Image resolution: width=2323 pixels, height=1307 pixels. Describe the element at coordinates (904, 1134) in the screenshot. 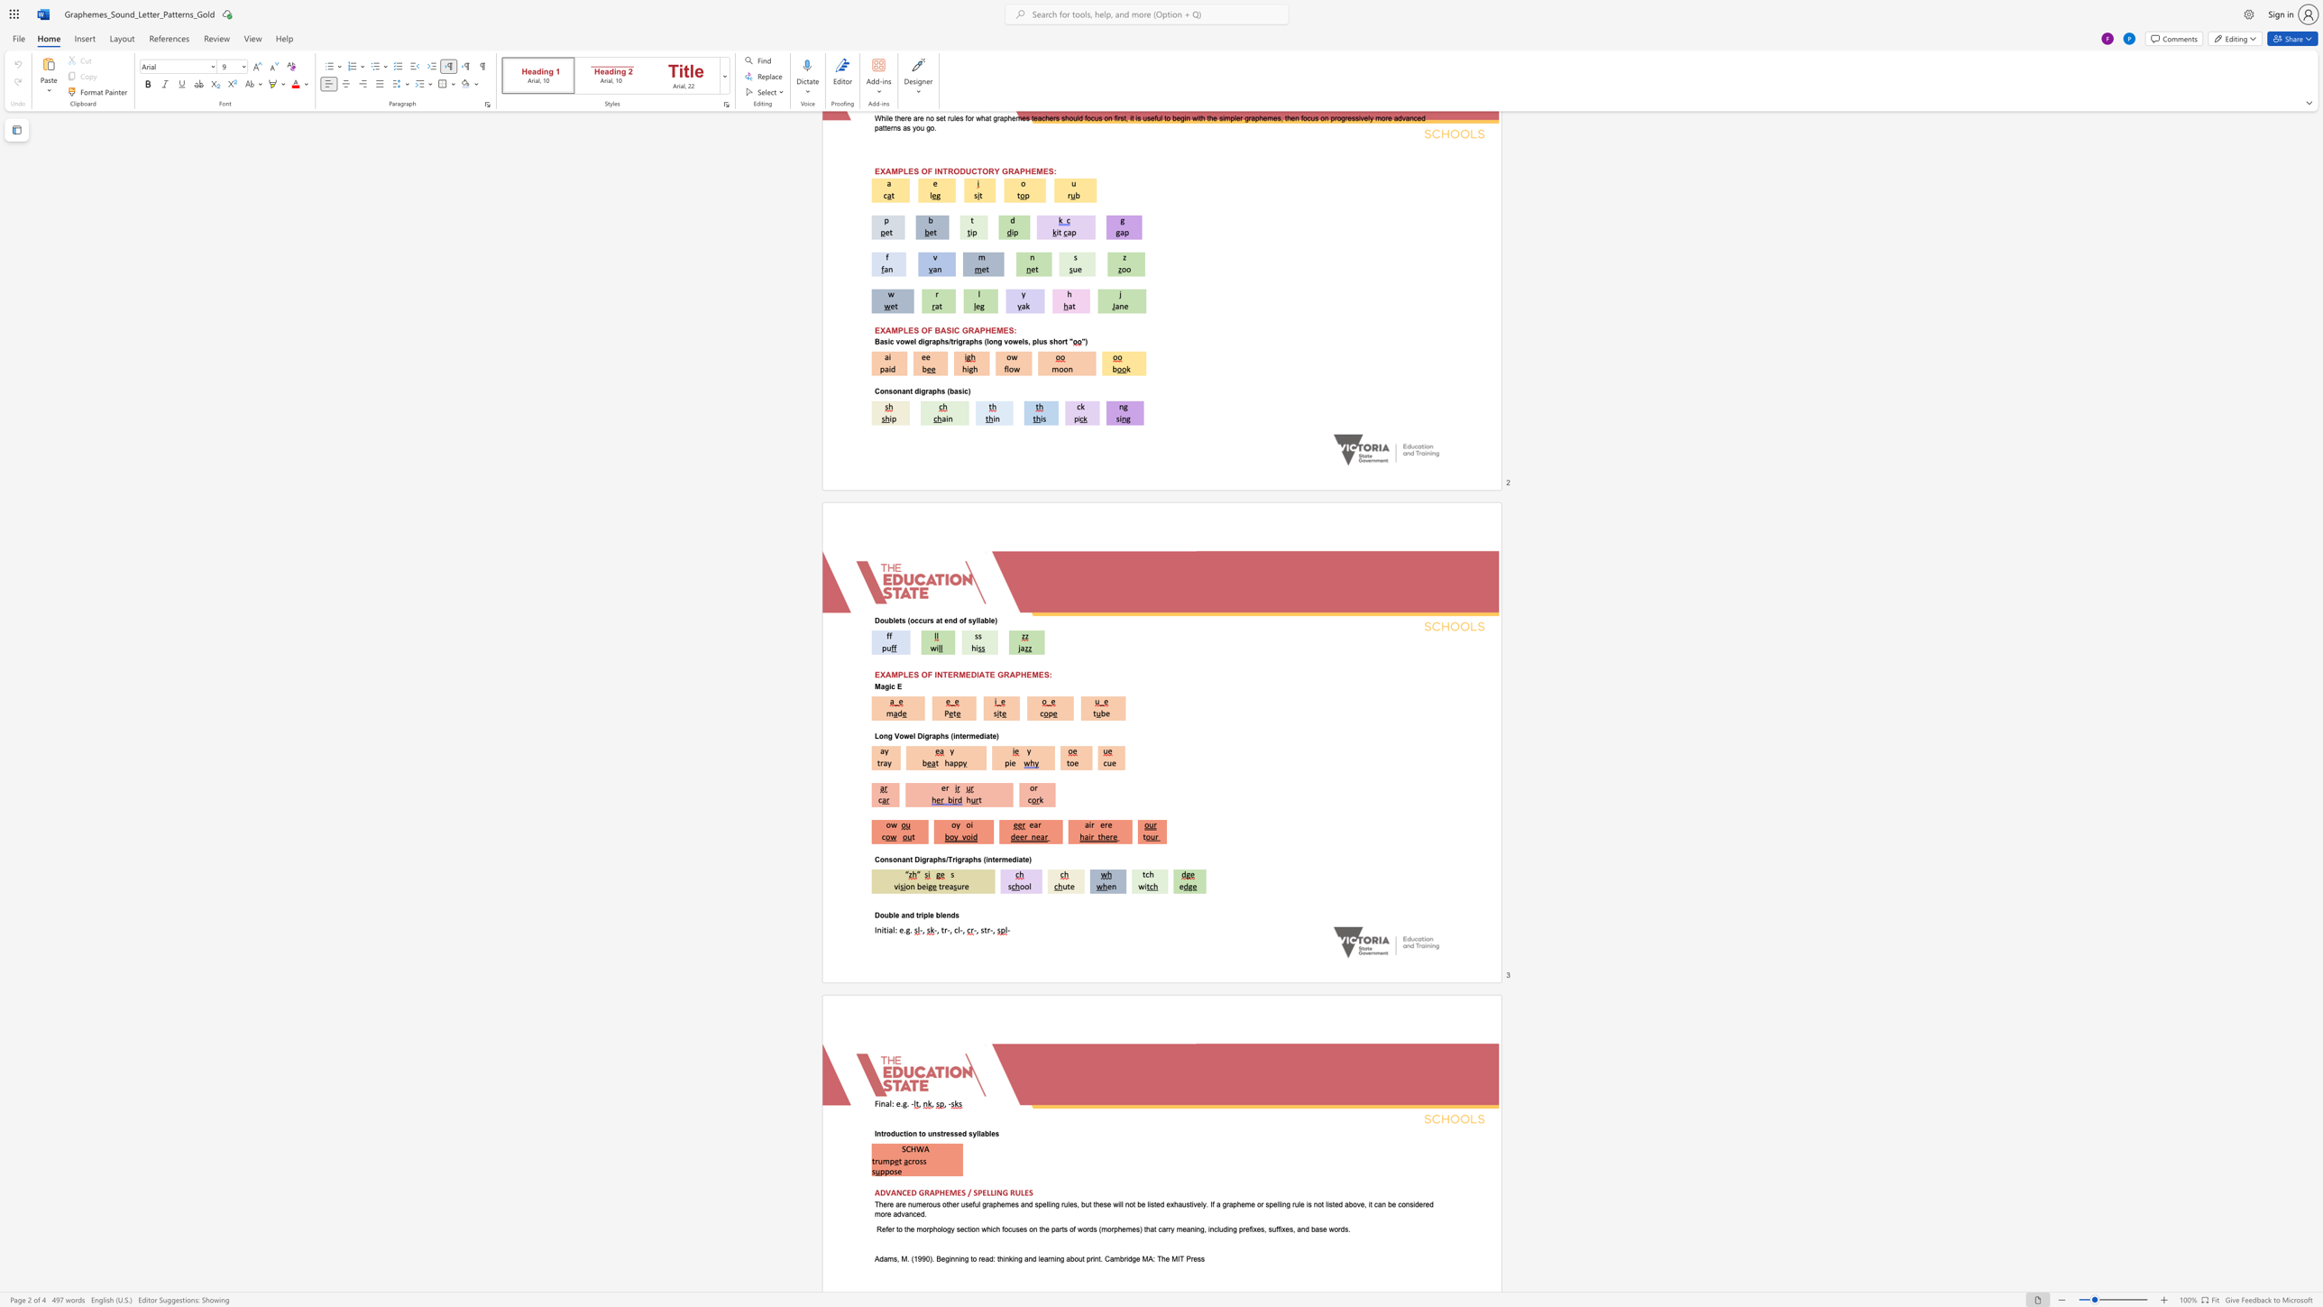

I see `the subset text "tion" within the text "Introduction to unstressed syllables"` at that location.